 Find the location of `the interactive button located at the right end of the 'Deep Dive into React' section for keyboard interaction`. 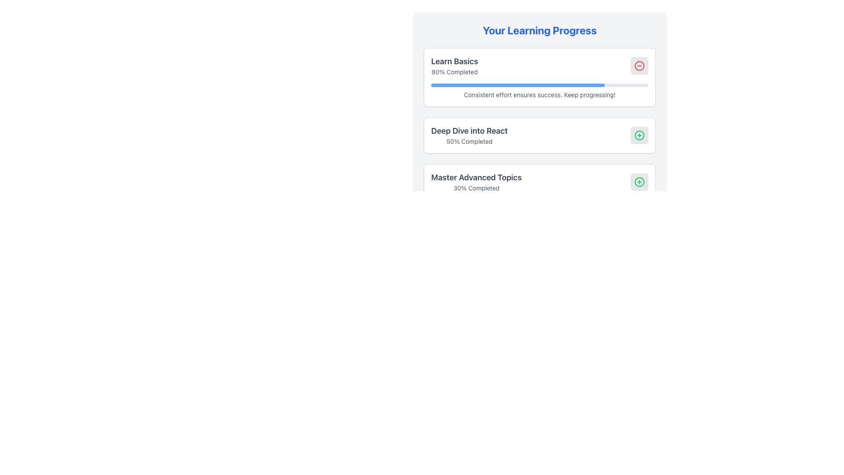

the interactive button located at the right end of the 'Deep Dive into React' section for keyboard interaction is located at coordinates (639, 135).